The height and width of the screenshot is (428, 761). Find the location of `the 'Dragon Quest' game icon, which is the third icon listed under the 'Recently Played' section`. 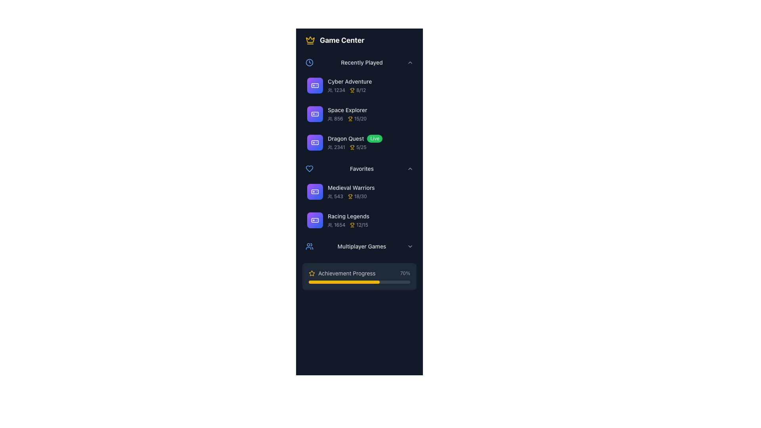

the 'Dragon Quest' game icon, which is the third icon listed under the 'Recently Played' section is located at coordinates (315, 142).